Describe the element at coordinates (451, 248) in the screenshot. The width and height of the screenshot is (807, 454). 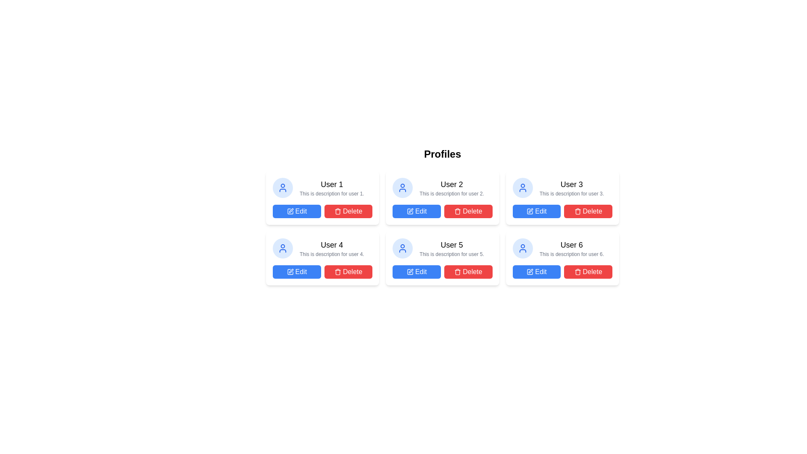
I see `the text label component with hierarchical styling that serves as a descriptive label for the user profile, located in the second card of the second row in the grid layout, adjacent to 'User 4' and 'User 6'` at that location.